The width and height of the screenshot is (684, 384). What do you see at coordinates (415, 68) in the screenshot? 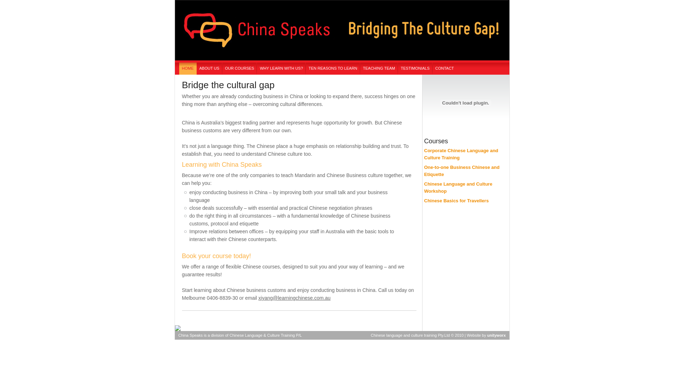
I see `'TESTIMONIALS'` at bounding box center [415, 68].